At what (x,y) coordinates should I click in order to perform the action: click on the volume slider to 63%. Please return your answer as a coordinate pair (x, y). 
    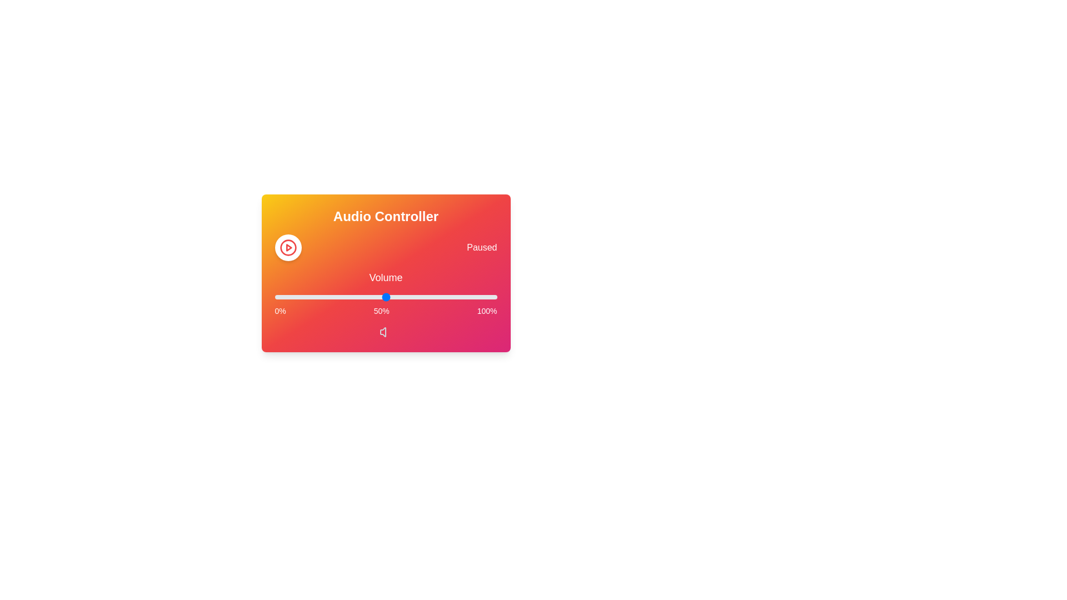
    Looking at the image, I should click on (414, 297).